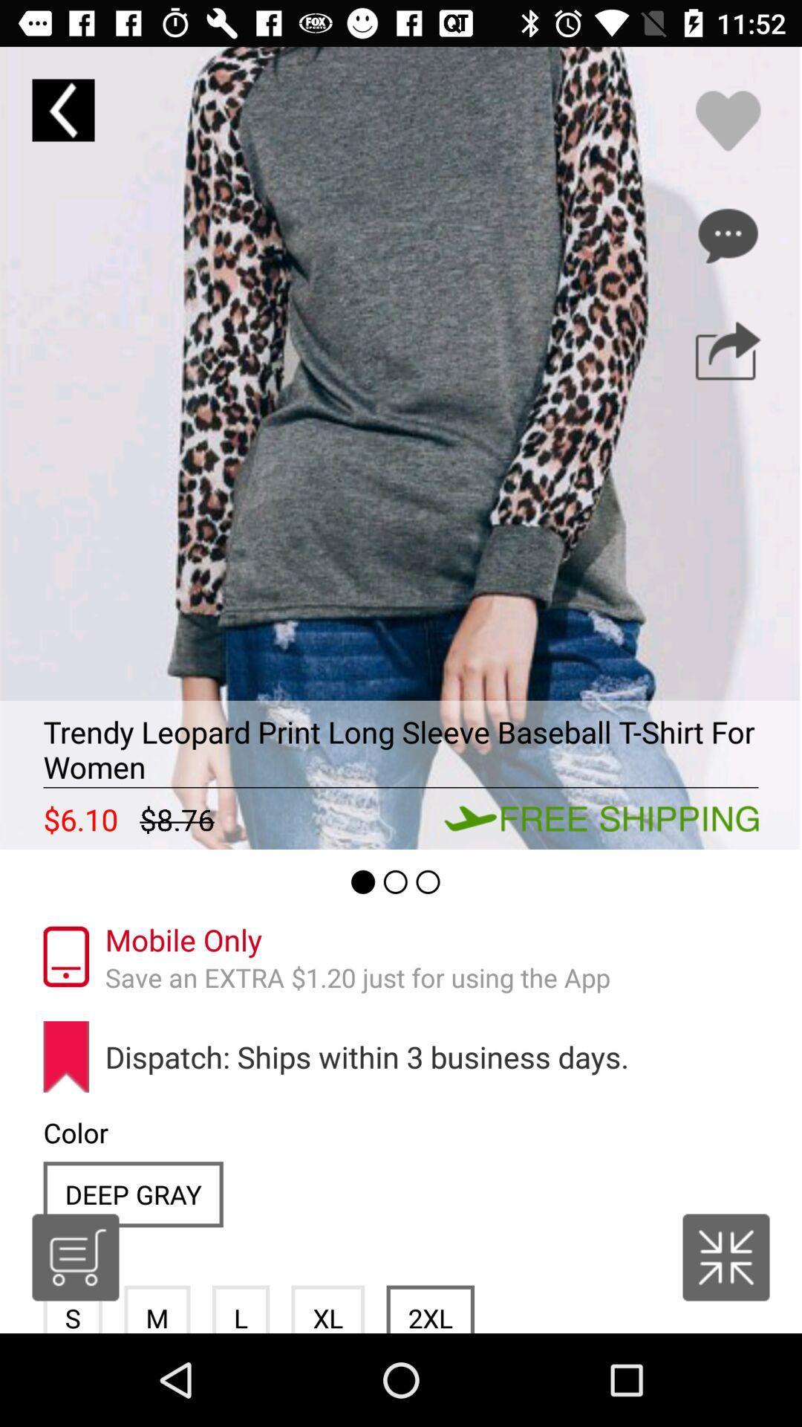 This screenshot has width=802, height=1427. I want to click on share the product, so click(727, 350).